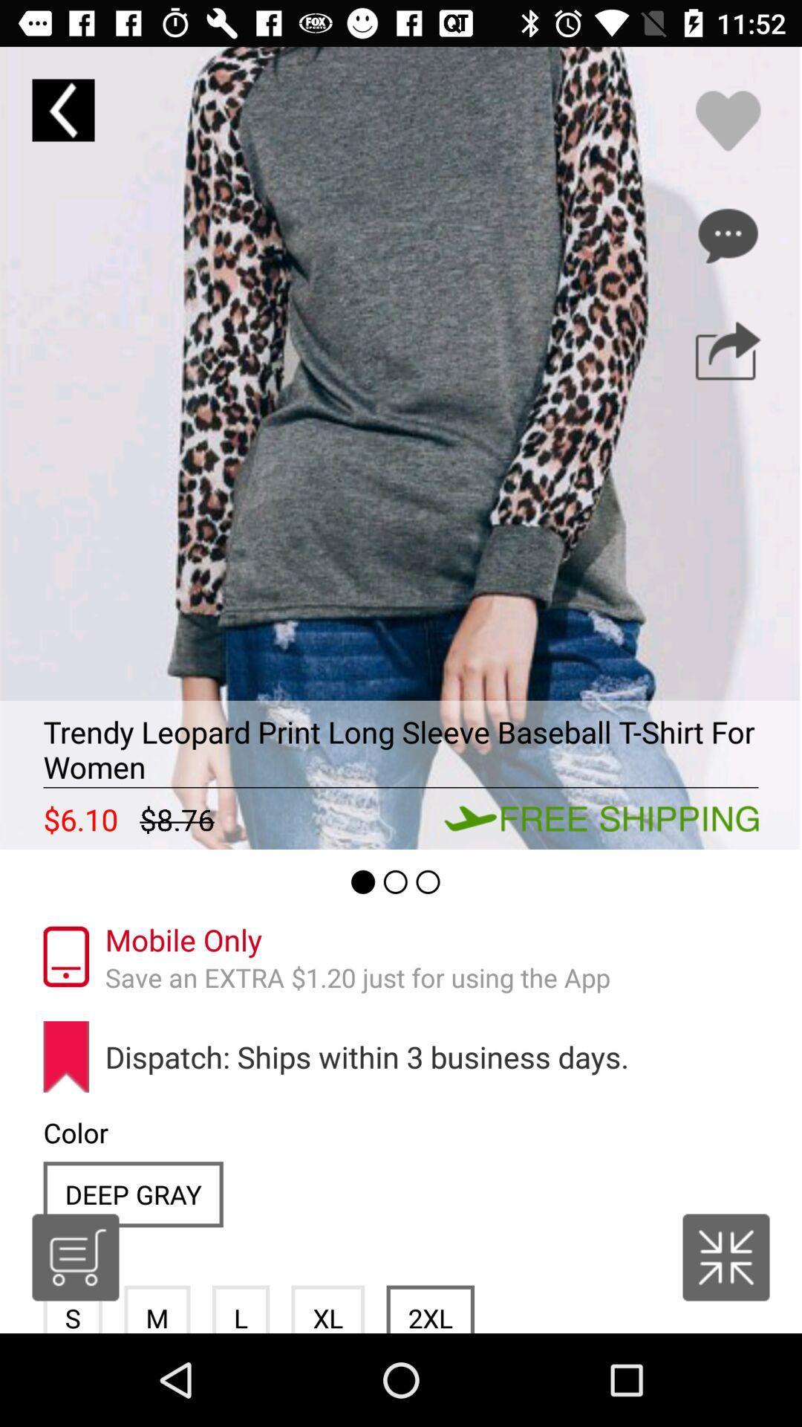 This screenshot has width=802, height=1427. I want to click on share the product, so click(727, 350).